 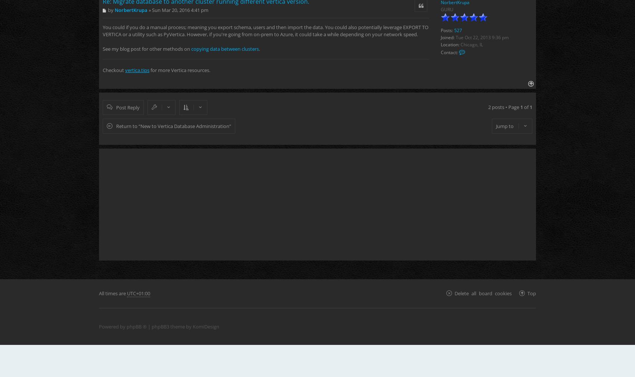 I want to click on 'KomiDesign', so click(x=205, y=326).